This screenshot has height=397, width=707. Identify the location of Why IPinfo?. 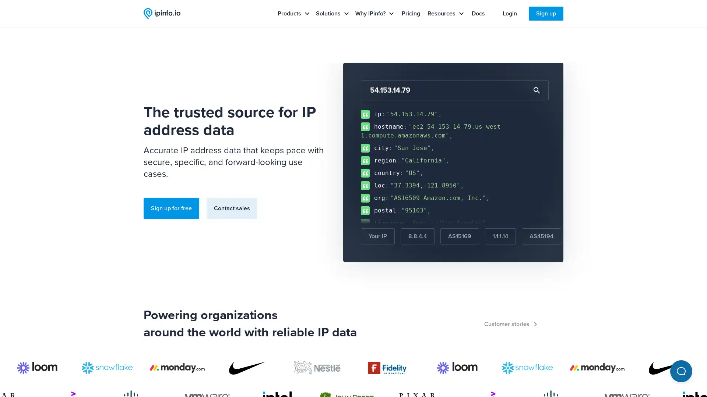
(374, 14).